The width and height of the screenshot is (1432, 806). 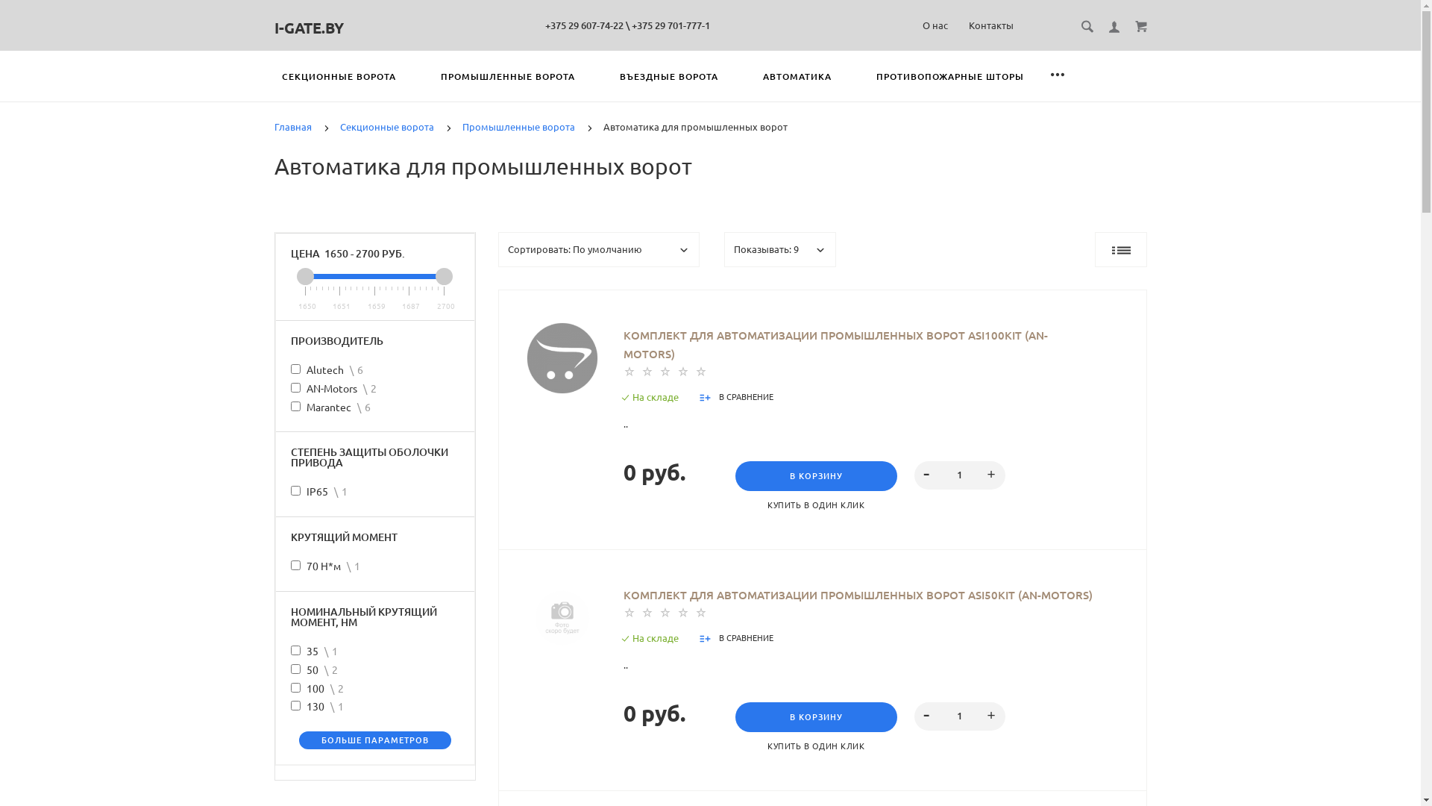 I want to click on 'I-GATE.BY', so click(x=274, y=28).